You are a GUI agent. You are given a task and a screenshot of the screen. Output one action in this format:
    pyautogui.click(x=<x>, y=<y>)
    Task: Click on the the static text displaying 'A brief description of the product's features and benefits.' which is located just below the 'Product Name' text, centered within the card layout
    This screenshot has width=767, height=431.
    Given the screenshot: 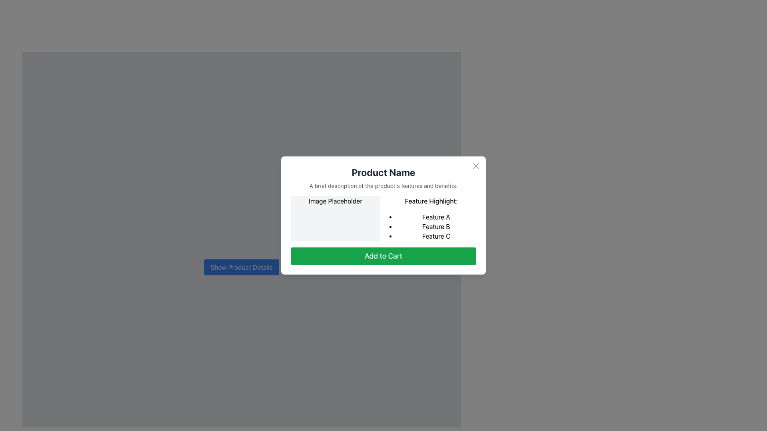 What is the action you would take?
    pyautogui.click(x=383, y=186)
    